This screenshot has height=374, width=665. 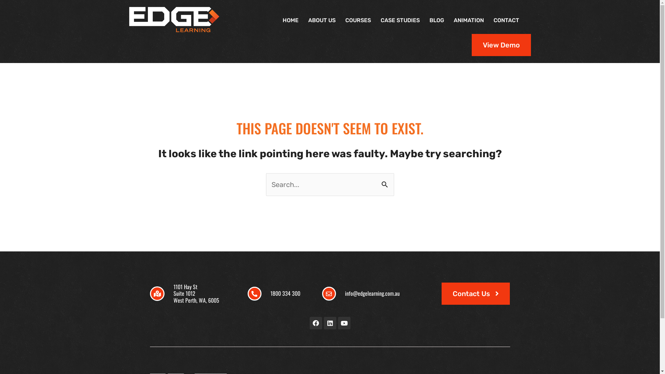 What do you see at coordinates (285, 293) in the screenshot?
I see `'1800 334 300'` at bounding box center [285, 293].